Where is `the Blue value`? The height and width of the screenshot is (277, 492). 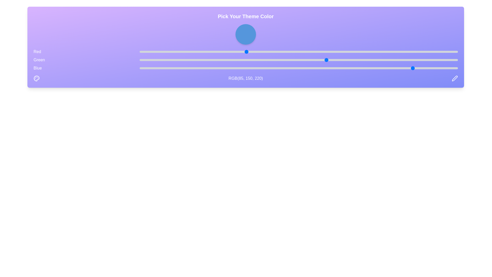 the Blue value is located at coordinates (219, 68).